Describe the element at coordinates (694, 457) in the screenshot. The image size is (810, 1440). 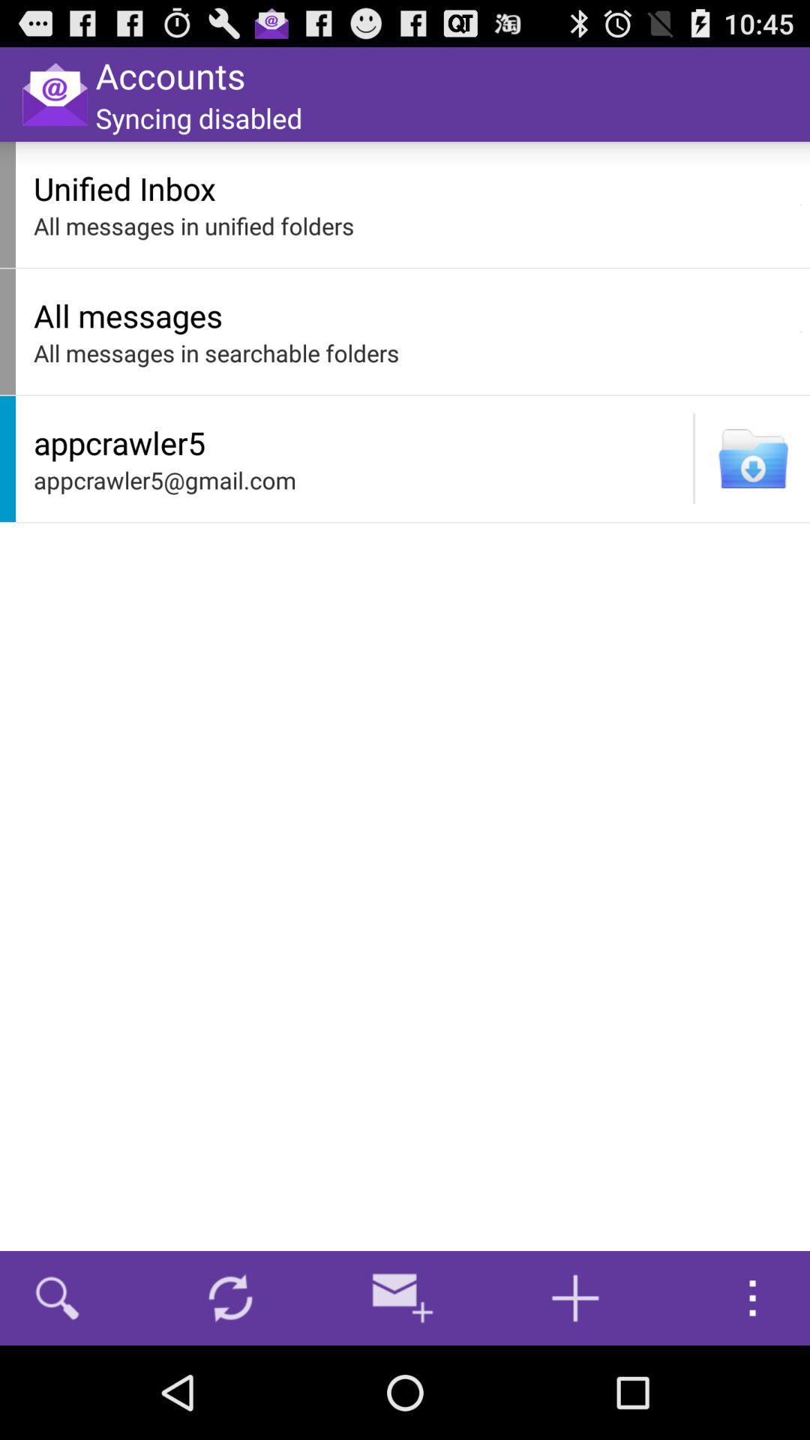
I see `the item below all messages in app` at that location.